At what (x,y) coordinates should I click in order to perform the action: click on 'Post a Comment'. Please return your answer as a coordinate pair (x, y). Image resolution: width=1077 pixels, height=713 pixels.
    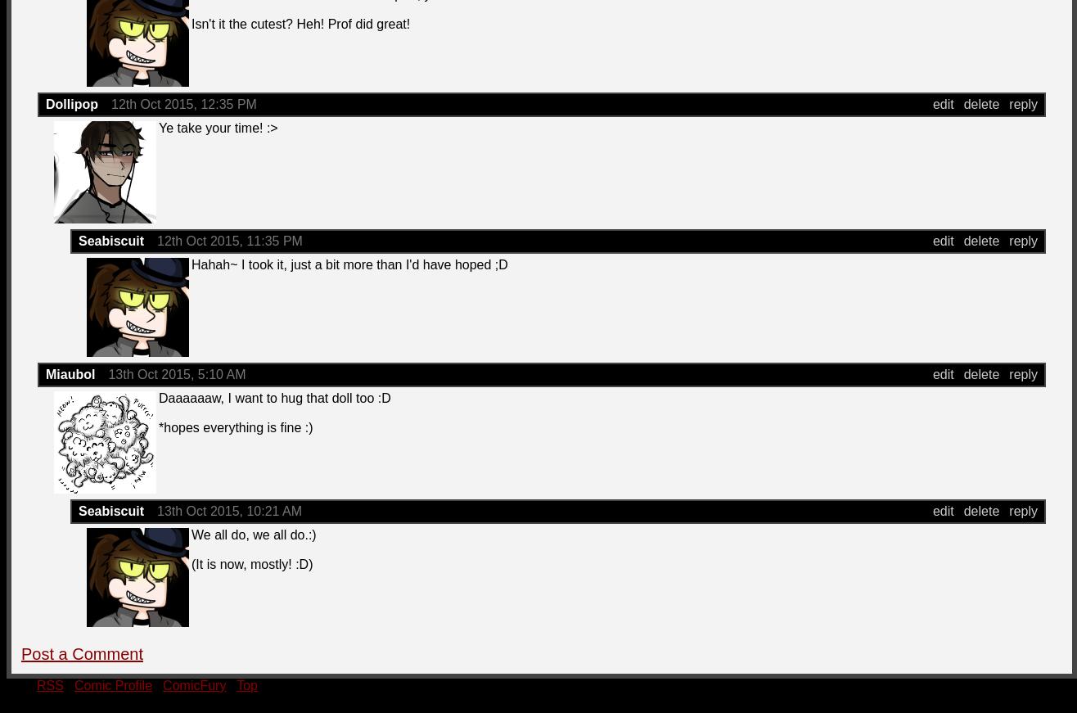
    Looking at the image, I should click on (21, 653).